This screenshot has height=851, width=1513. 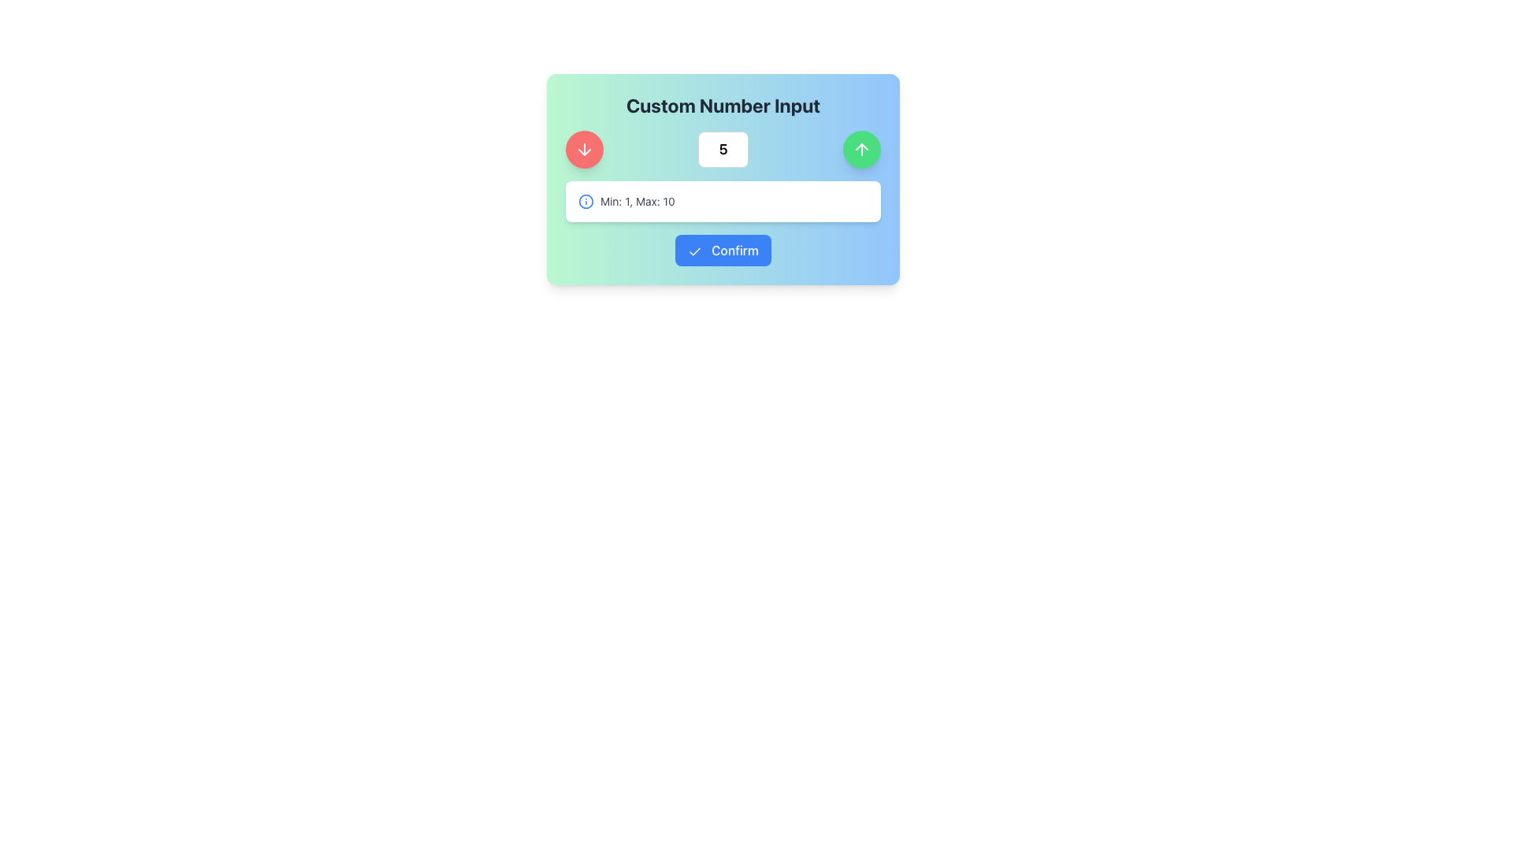 What do you see at coordinates (694, 251) in the screenshot?
I see `the check icon within the blue confirm button labeled 'Confirm'` at bounding box center [694, 251].